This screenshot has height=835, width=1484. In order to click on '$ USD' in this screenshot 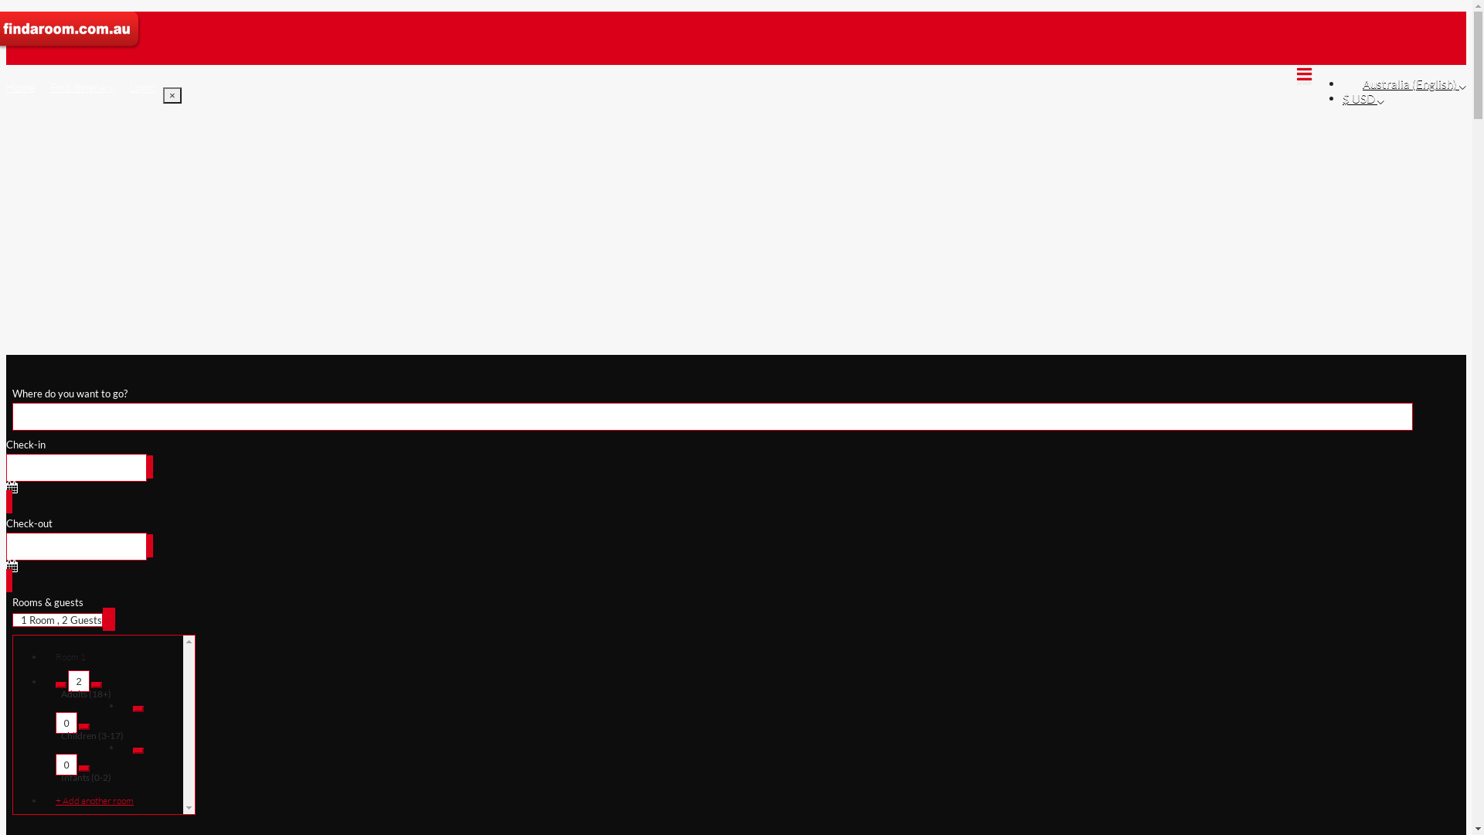, I will do `click(1342, 98)`.